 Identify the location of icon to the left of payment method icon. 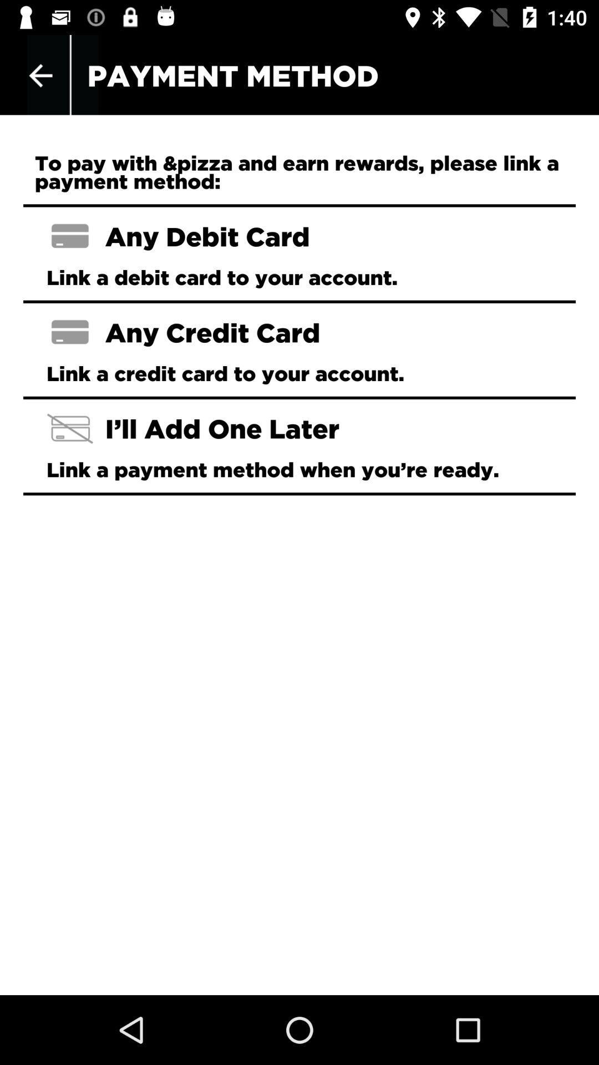
(40, 75).